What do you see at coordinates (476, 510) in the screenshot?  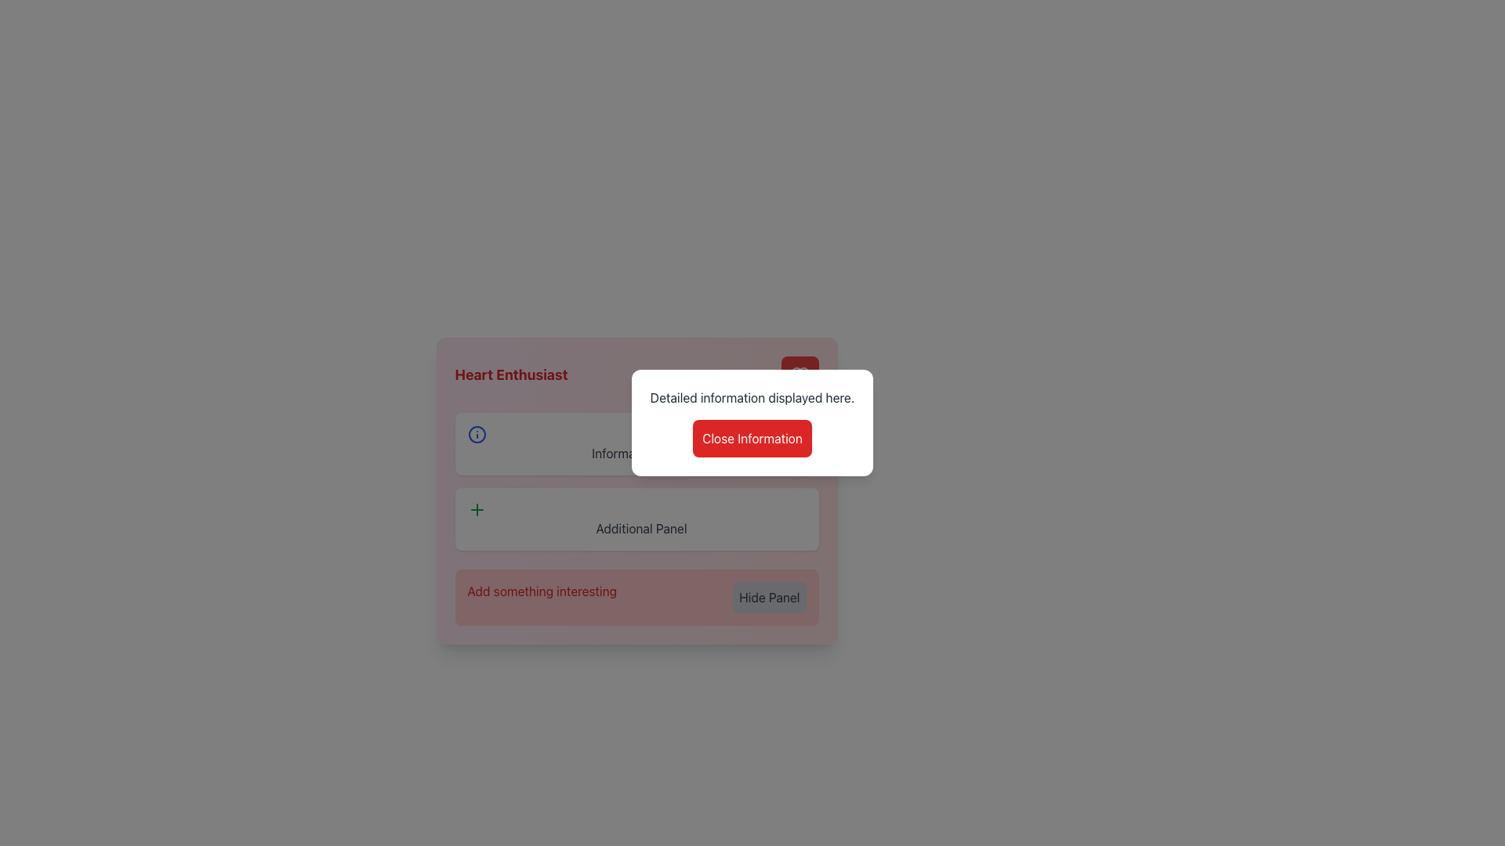 I see `the green plus-shaped SVG icon located in the 'Additional Panel' section, positioned left and above the text 'Additional Panel'` at bounding box center [476, 510].